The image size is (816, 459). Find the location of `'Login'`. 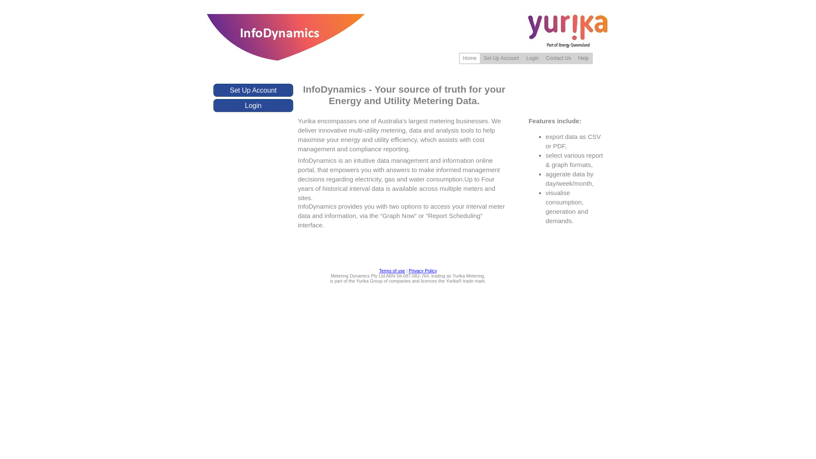

'Login' is located at coordinates (532, 58).